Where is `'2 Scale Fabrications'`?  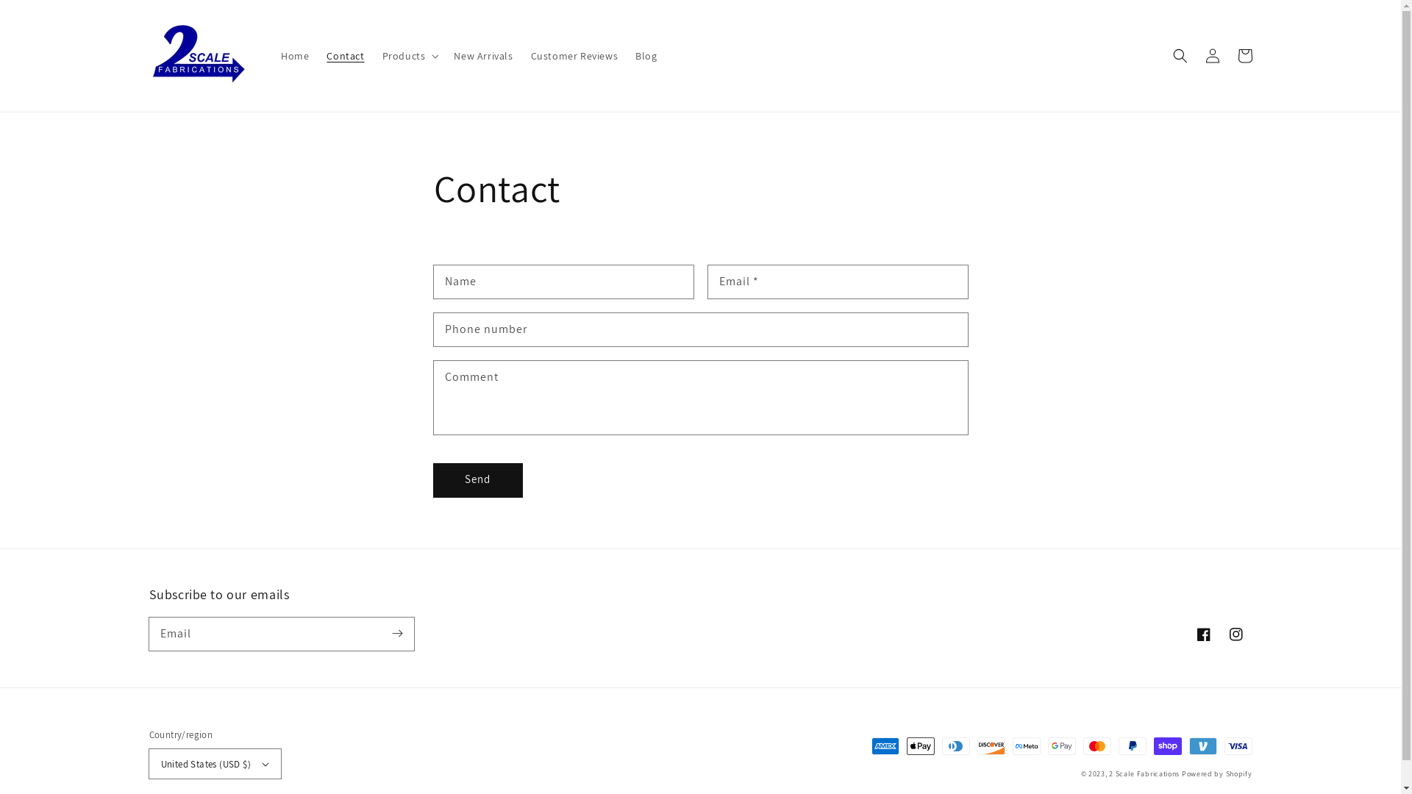 '2 Scale Fabrications' is located at coordinates (1143, 773).